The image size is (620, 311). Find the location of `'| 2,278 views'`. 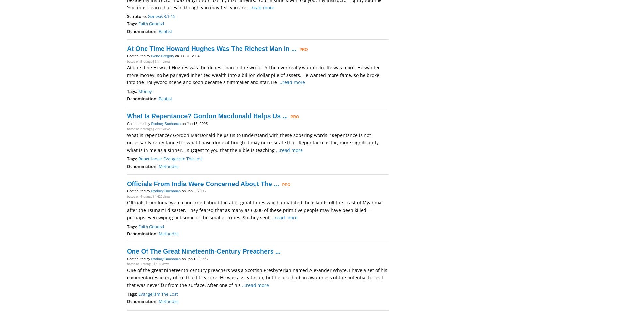

'| 2,278 views' is located at coordinates (161, 129).